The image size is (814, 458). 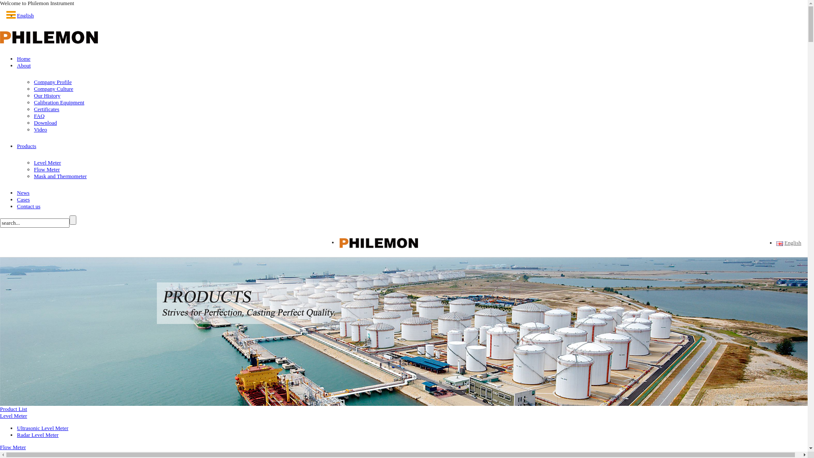 What do you see at coordinates (14, 415) in the screenshot?
I see `'Level Meter'` at bounding box center [14, 415].